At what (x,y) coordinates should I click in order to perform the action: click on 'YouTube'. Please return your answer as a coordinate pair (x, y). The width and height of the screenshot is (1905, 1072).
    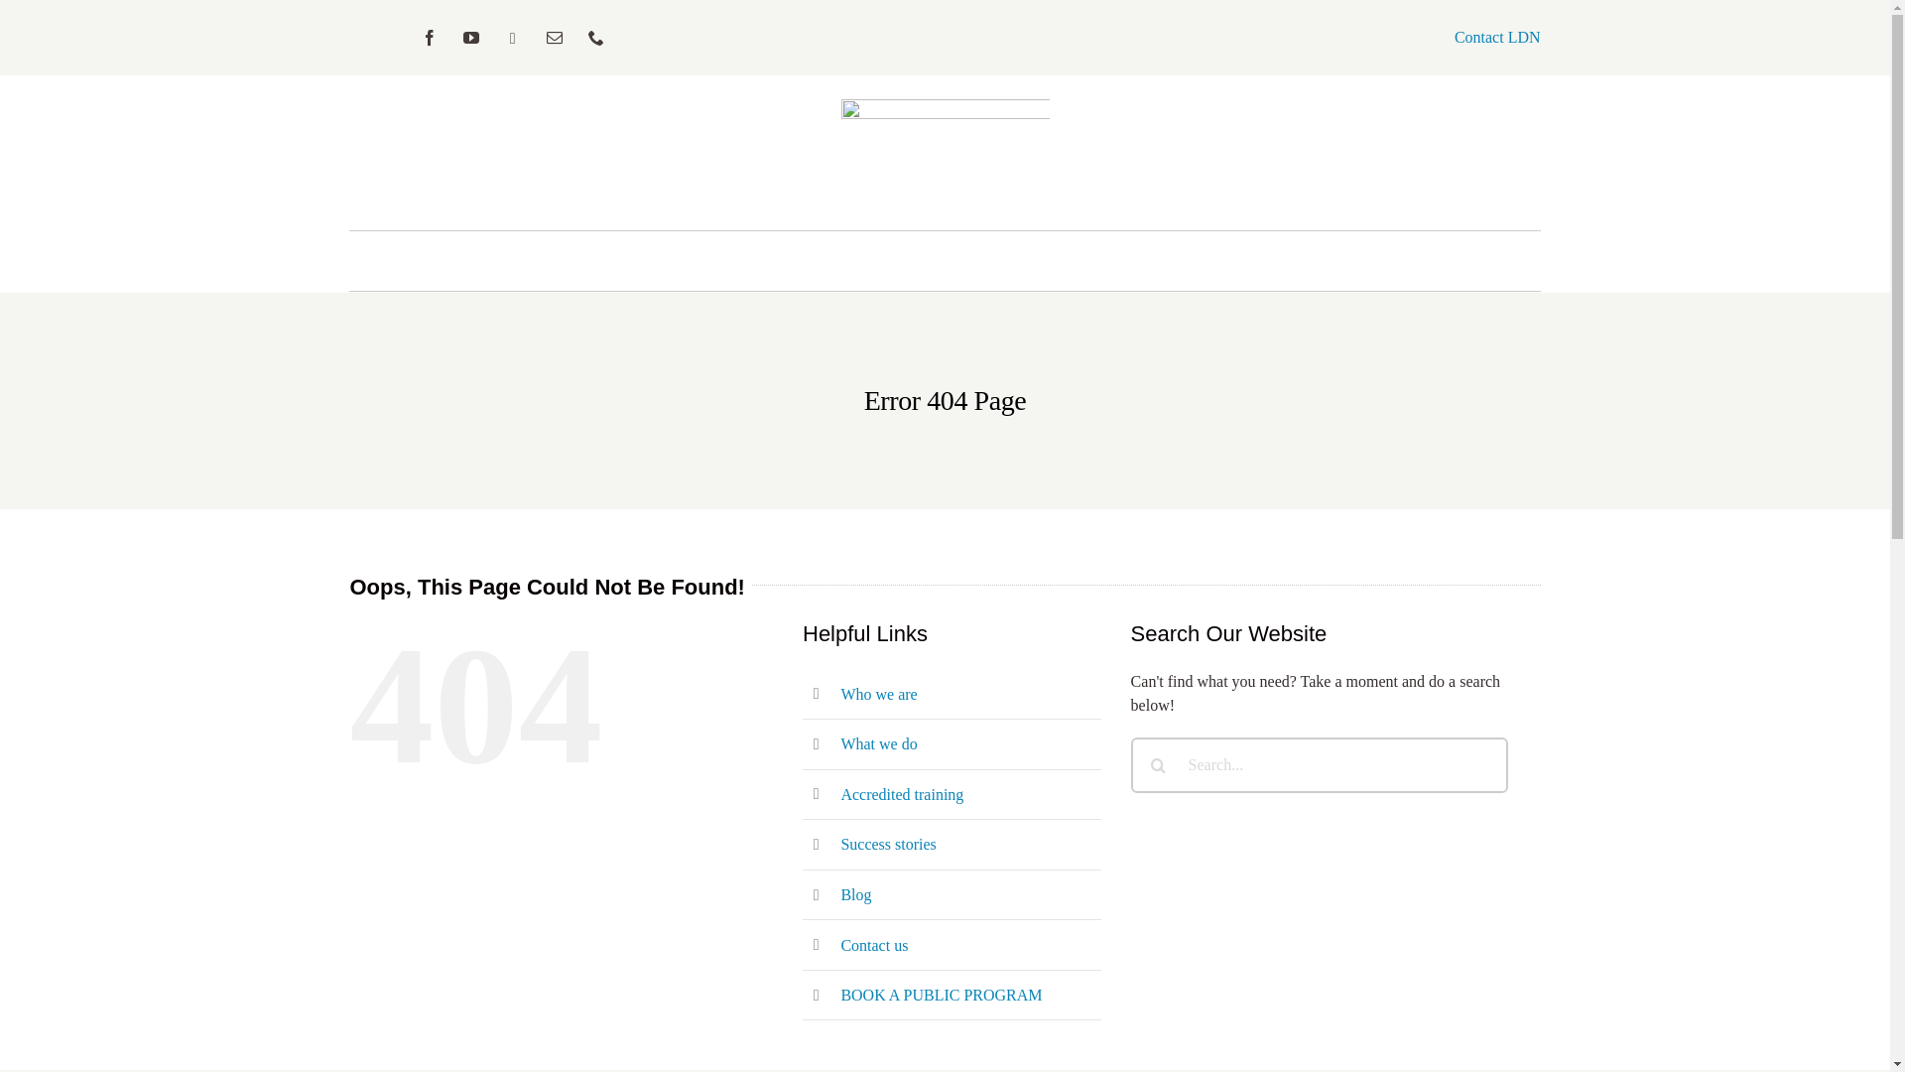
    Looking at the image, I should click on (470, 38).